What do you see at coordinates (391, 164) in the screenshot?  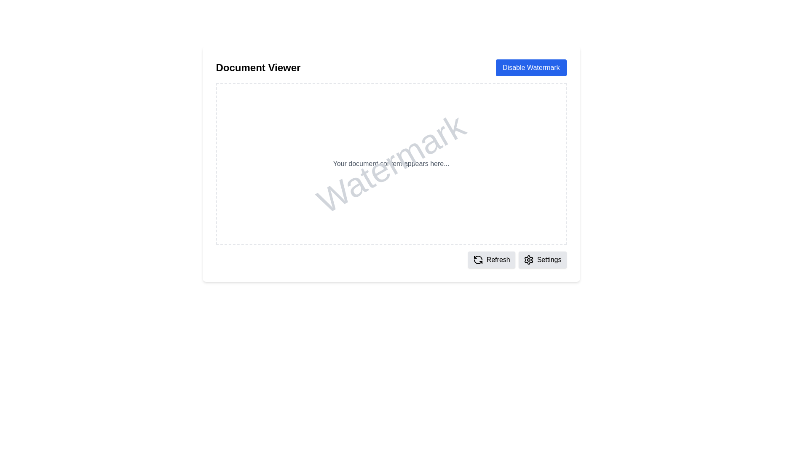 I see `the text component that reads 'Your document content appears here...' within the dashed-bordered rectangular area` at bounding box center [391, 164].